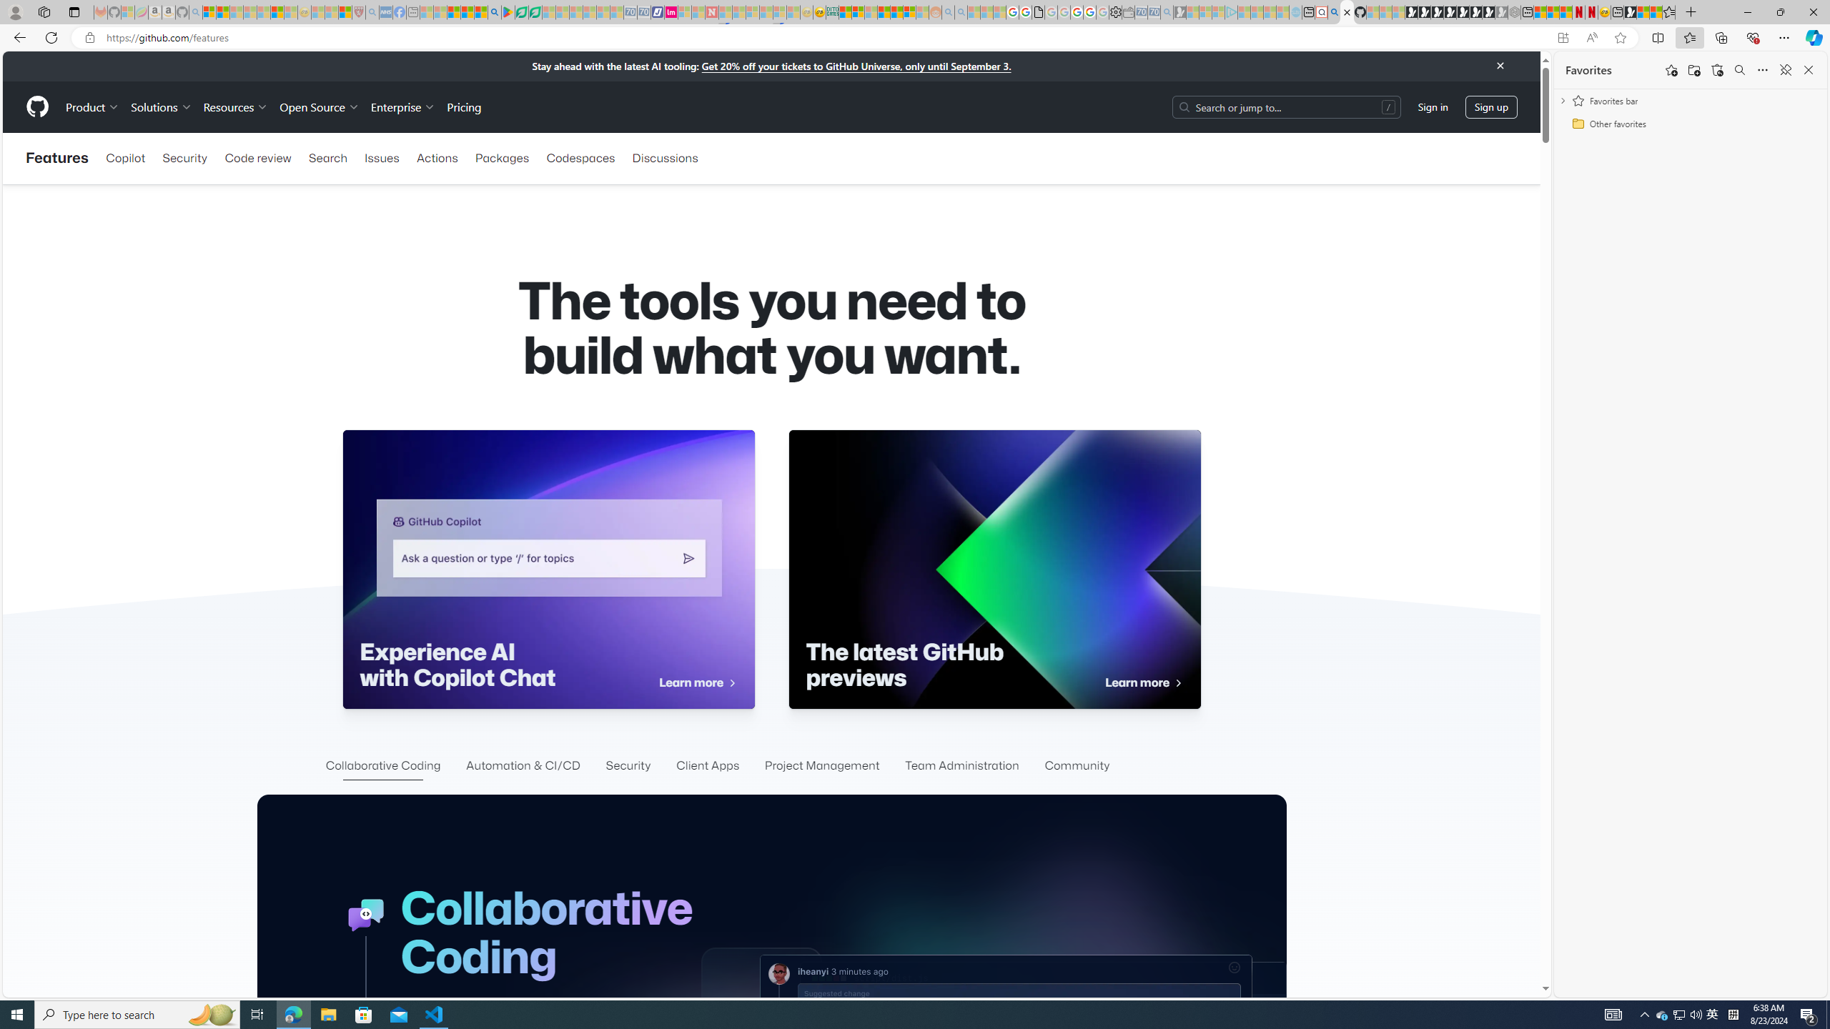 This screenshot has width=1830, height=1029. What do you see at coordinates (402, 106) in the screenshot?
I see `'Enterprise'` at bounding box center [402, 106].